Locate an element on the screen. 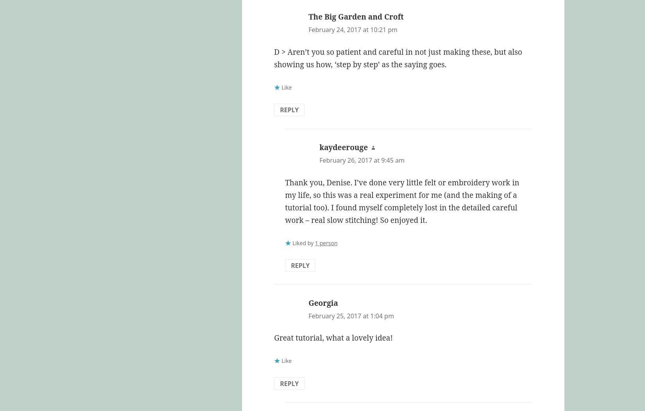 This screenshot has height=411, width=645. 'The Big Garden and Croft' is located at coordinates (356, 16).